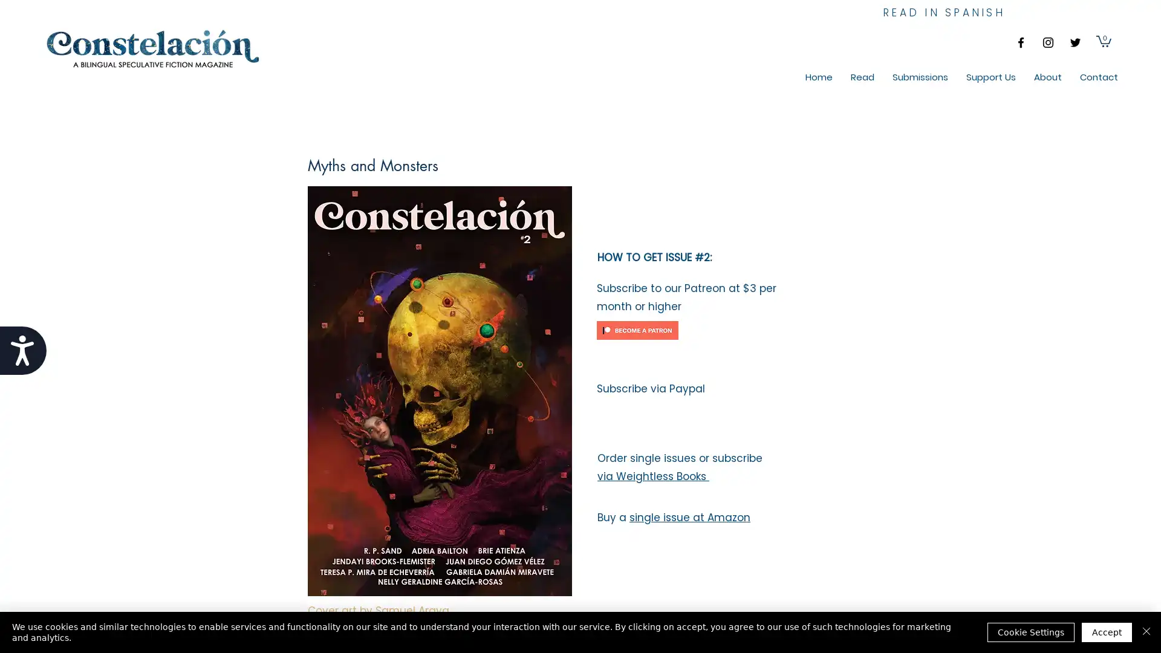 Image resolution: width=1161 pixels, height=653 pixels. What do you see at coordinates (1030, 631) in the screenshot?
I see `Cookie Settings` at bounding box center [1030, 631].